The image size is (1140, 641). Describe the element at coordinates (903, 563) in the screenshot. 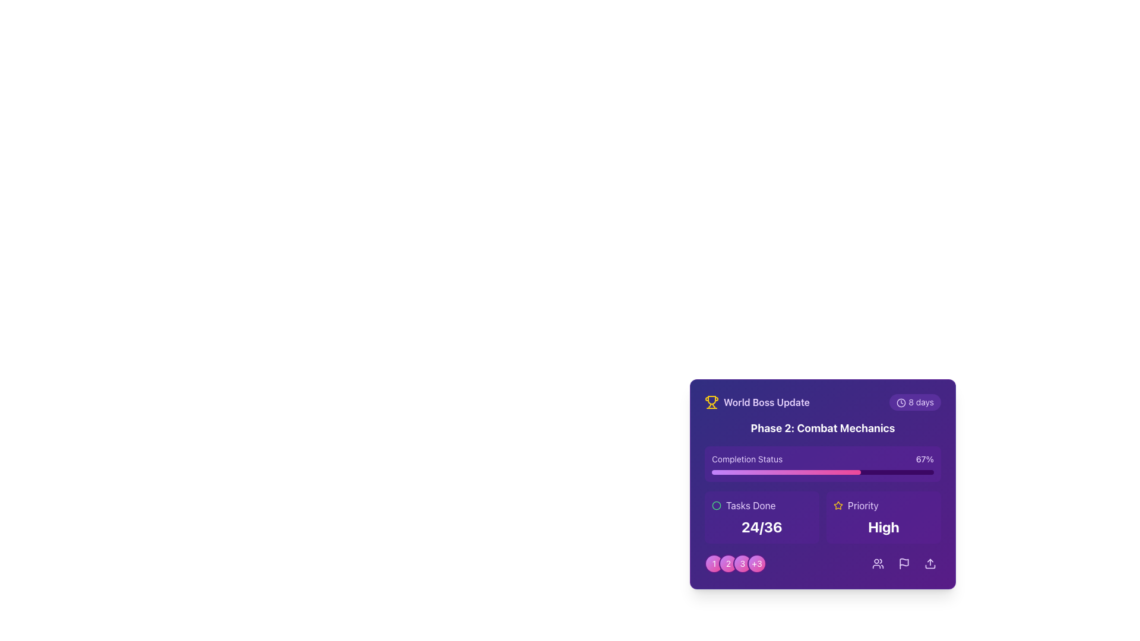

I see `the purple flag icon located at the bottom-right corner of the purple panel interface` at that location.